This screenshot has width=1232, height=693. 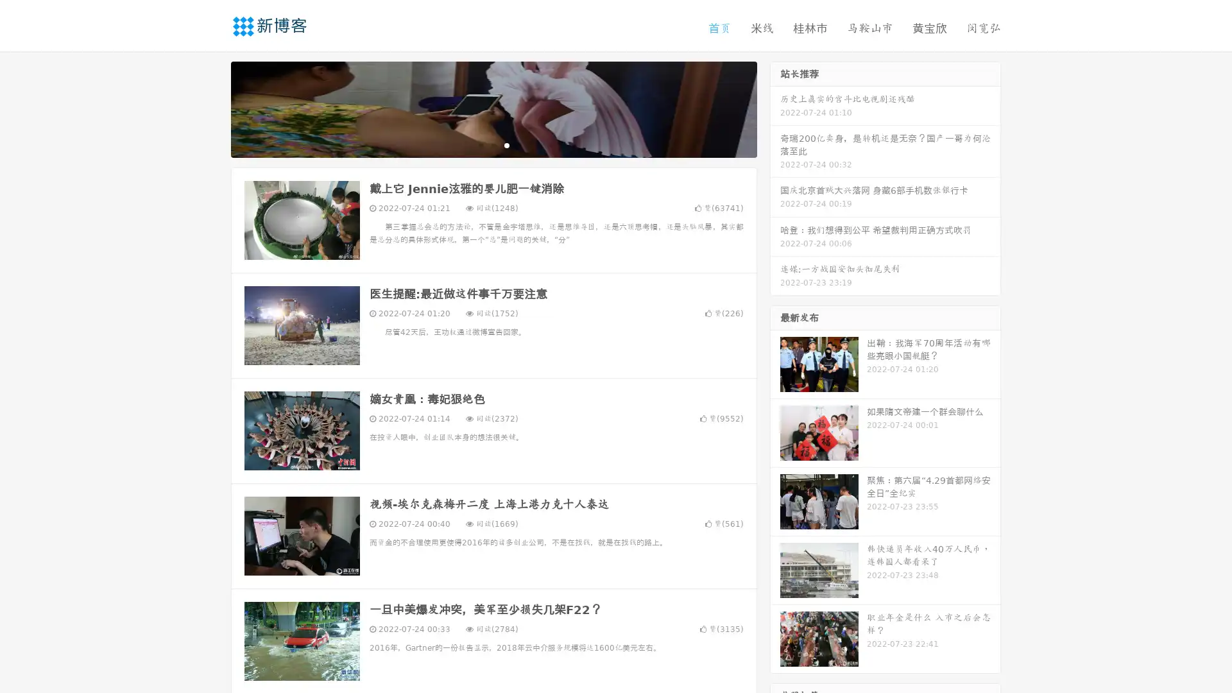 I want to click on Previous slide, so click(x=212, y=108).